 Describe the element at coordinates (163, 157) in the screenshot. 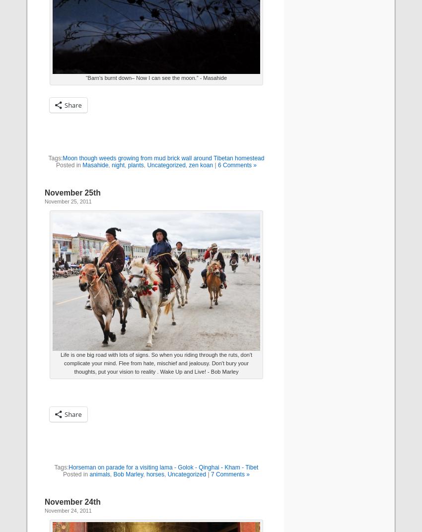

I see `'Moon though weeds growing from mud brick wall around Tibetan homestead'` at that location.